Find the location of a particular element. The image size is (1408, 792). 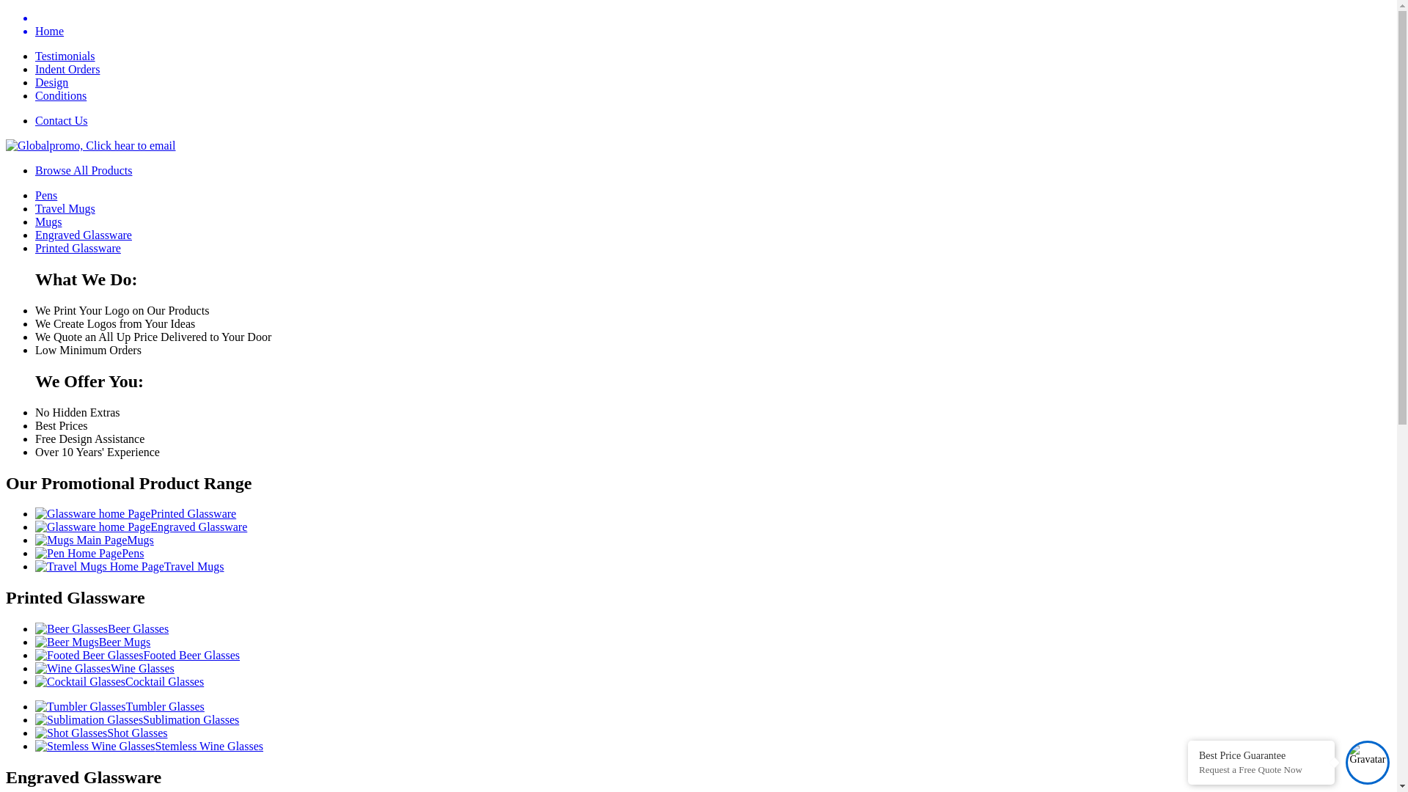

'Cocktail Glasses' is located at coordinates (120, 681).